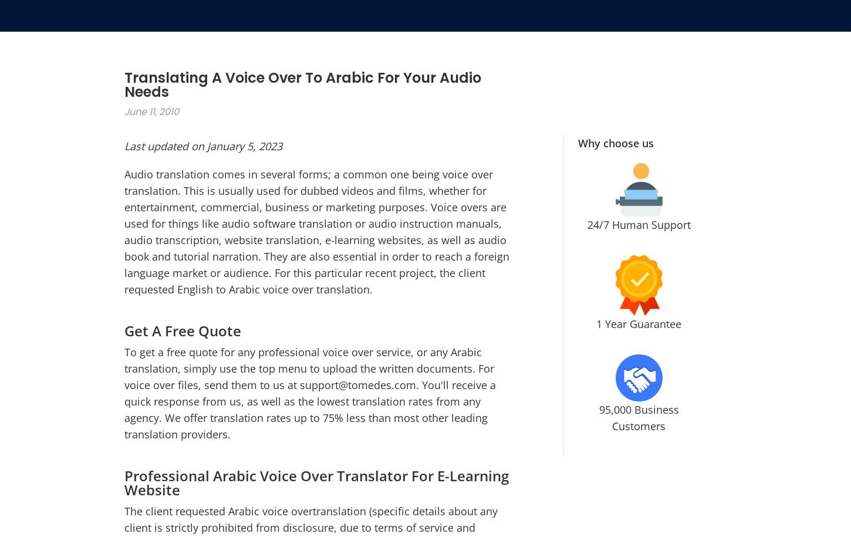  I want to click on 'TESTIMONIALS', so click(634, 190).